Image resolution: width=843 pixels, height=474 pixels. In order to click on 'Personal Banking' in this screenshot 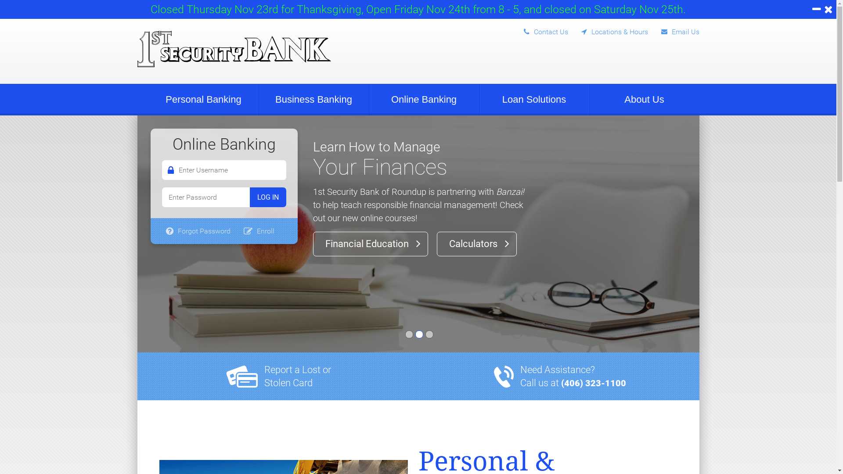, I will do `click(202, 99)`.